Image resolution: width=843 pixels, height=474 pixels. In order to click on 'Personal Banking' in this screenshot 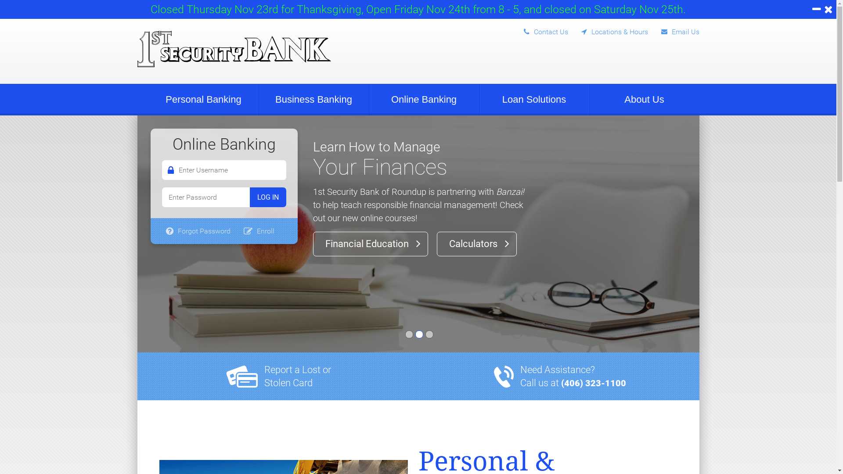, I will do `click(202, 99)`.